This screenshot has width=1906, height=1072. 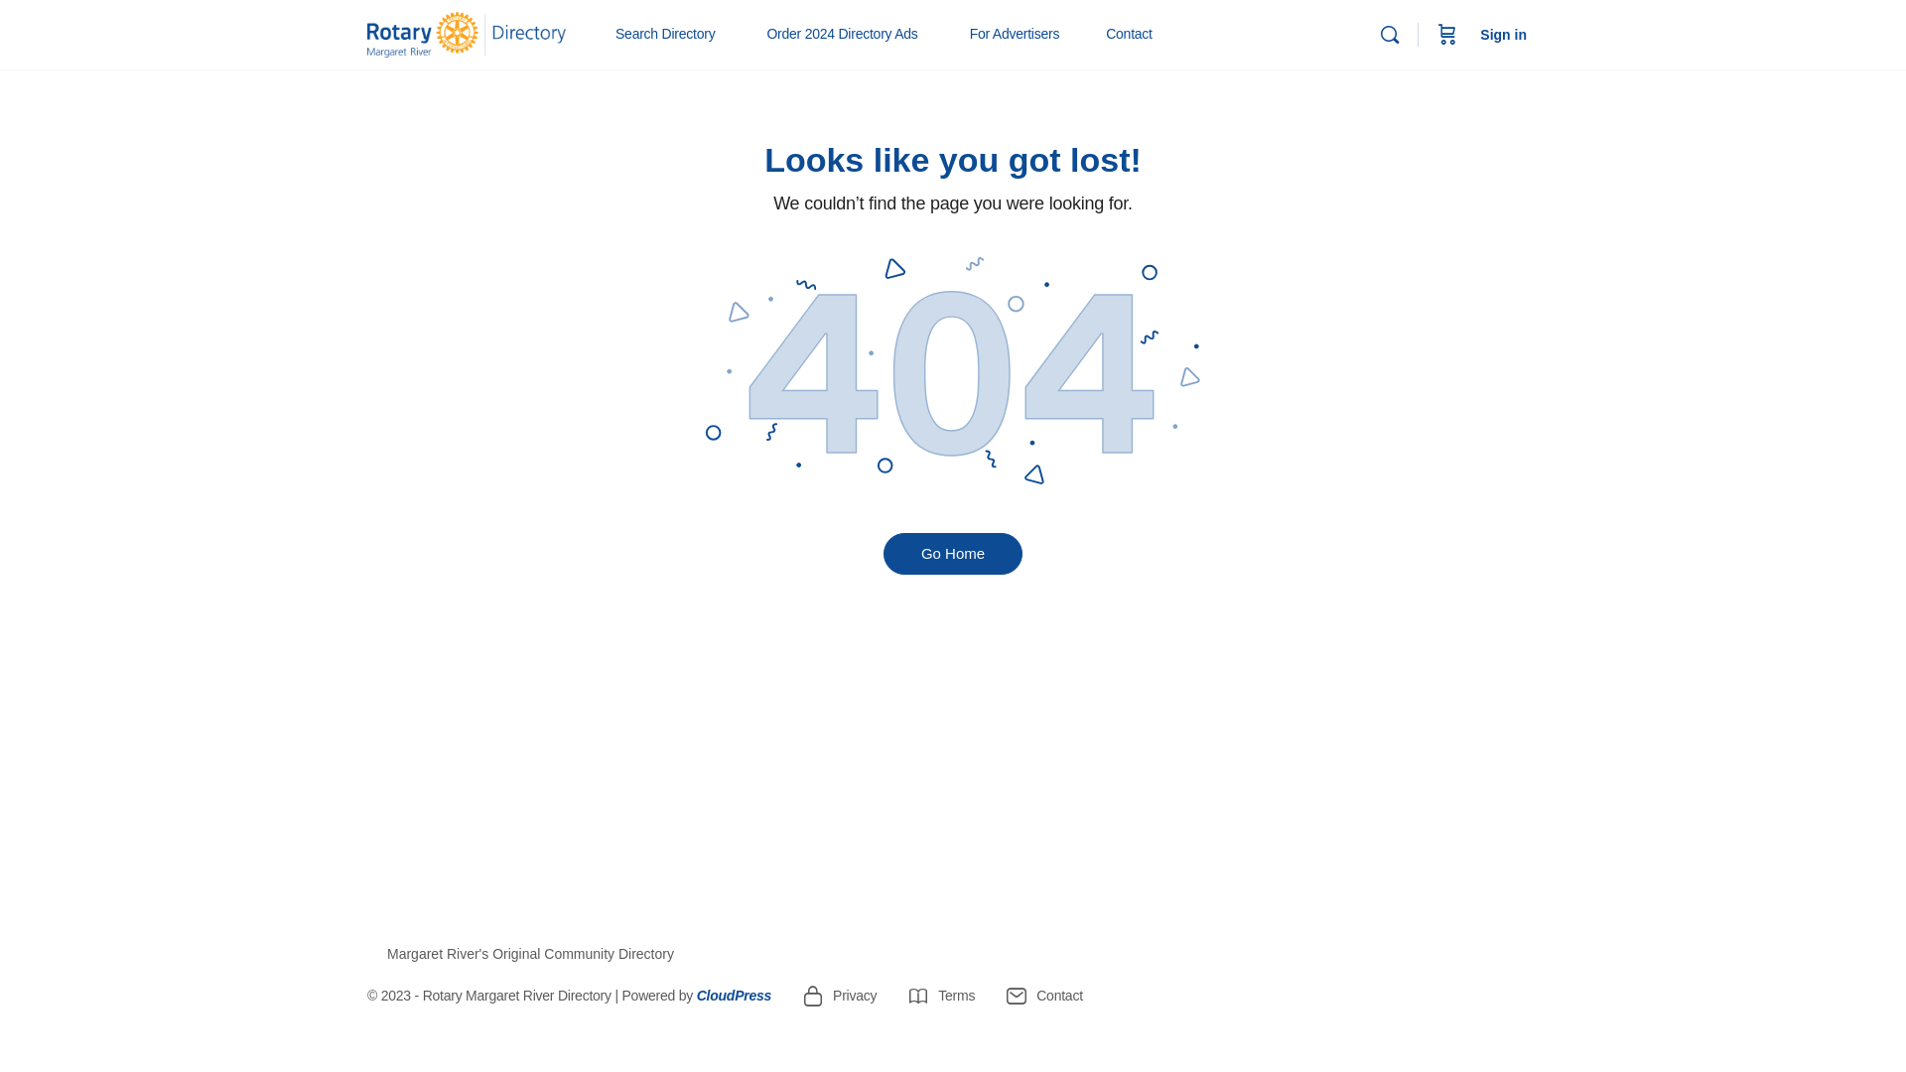 What do you see at coordinates (673, 34) in the screenshot?
I see `'Search Directory'` at bounding box center [673, 34].